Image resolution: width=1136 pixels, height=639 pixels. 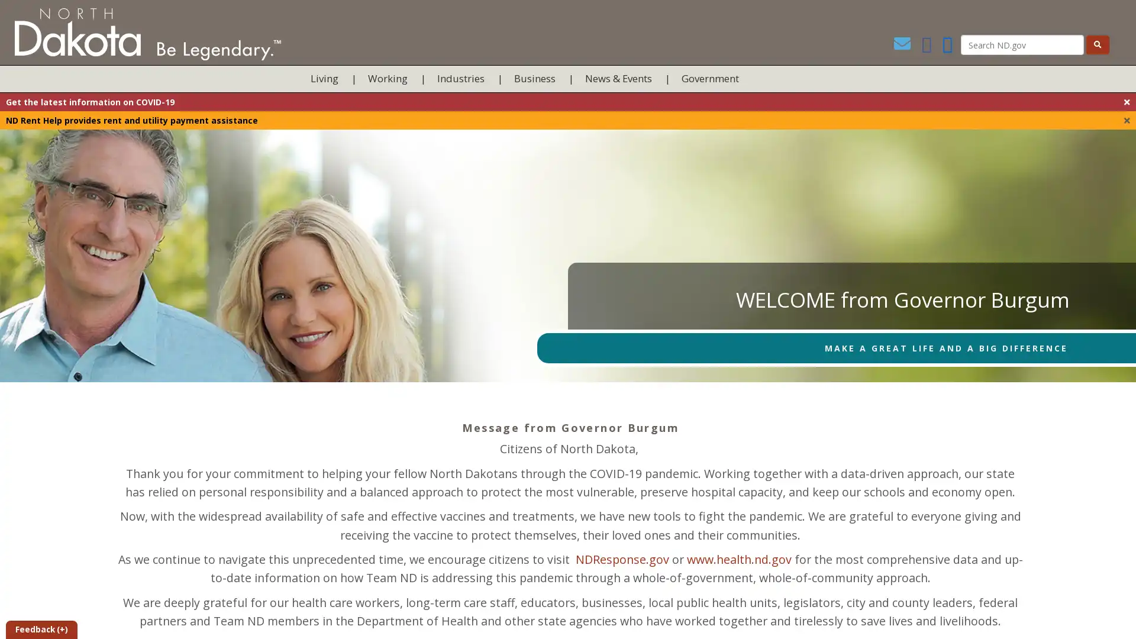 I want to click on Follow Us on Twitter, so click(x=947, y=46).